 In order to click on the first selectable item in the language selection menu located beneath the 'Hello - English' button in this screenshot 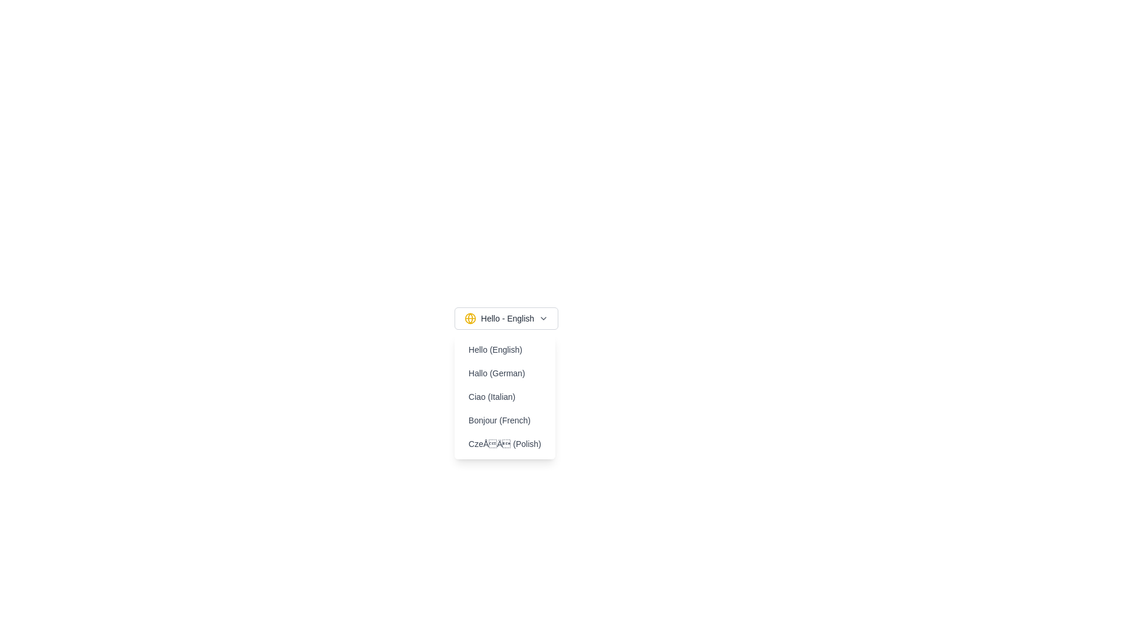, I will do `click(505, 349)`.